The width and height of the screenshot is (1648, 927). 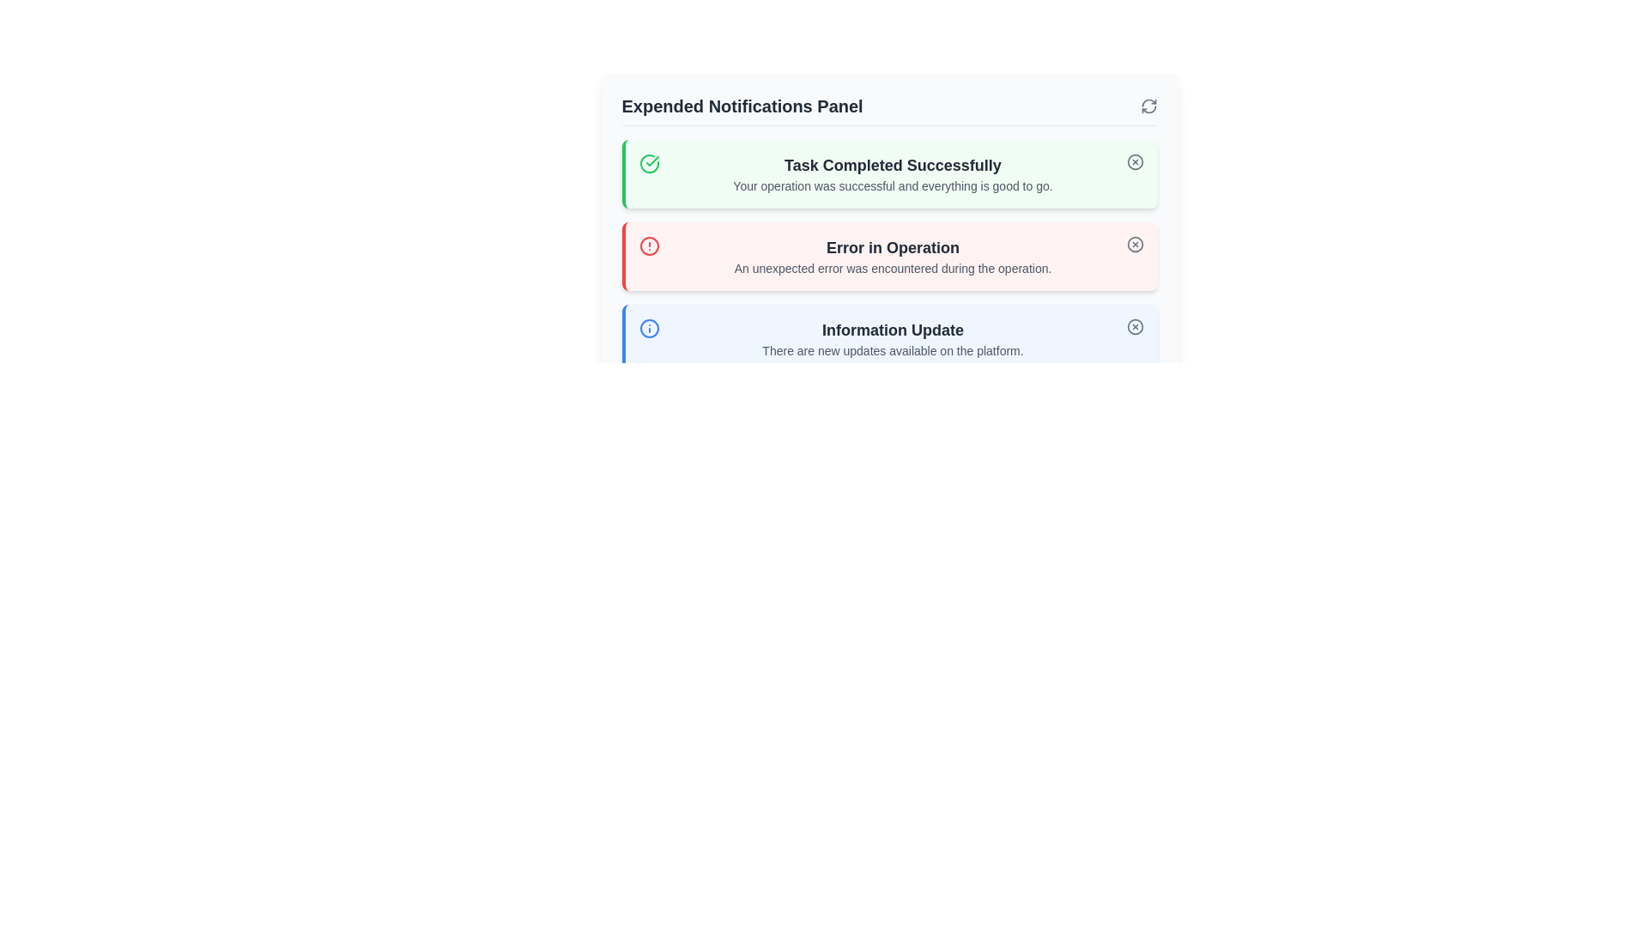 What do you see at coordinates (893, 268) in the screenshot?
I see `descriptive text located directly below the 'Error in Operation' label within a light red notification panel` at bounding box center [893, 268].